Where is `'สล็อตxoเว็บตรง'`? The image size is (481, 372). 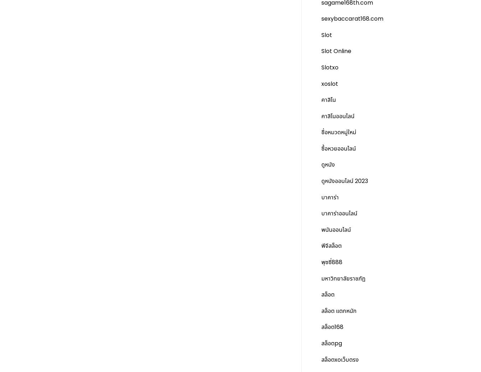 'สล็อตxoเว็บตรง' is located at coordinates (340, 359).